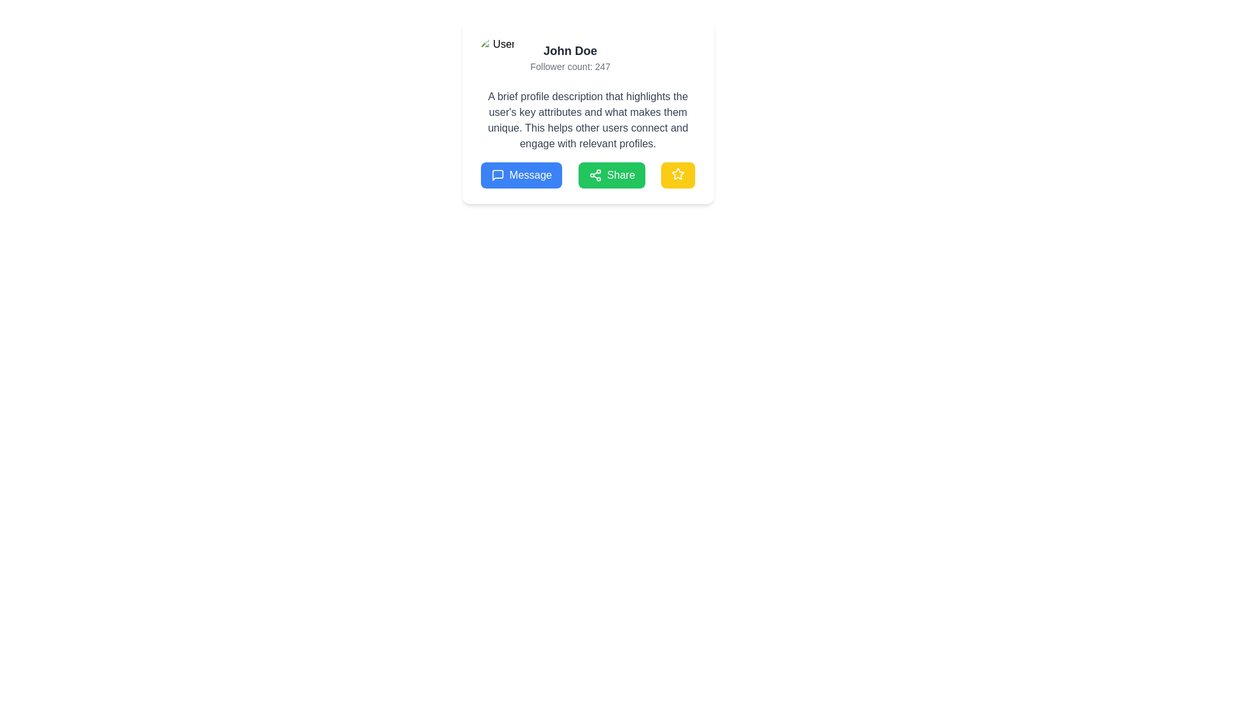 Image resolution: width=1258 pixels, height=707 pixels. I want to click on the blue button labeled 'Message' with rounded corners, so click(521, 174).